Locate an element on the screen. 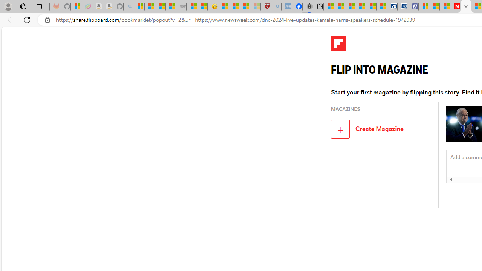  'Microsoft-Report a Concern to Bing' is located at coordinates (76, 6).